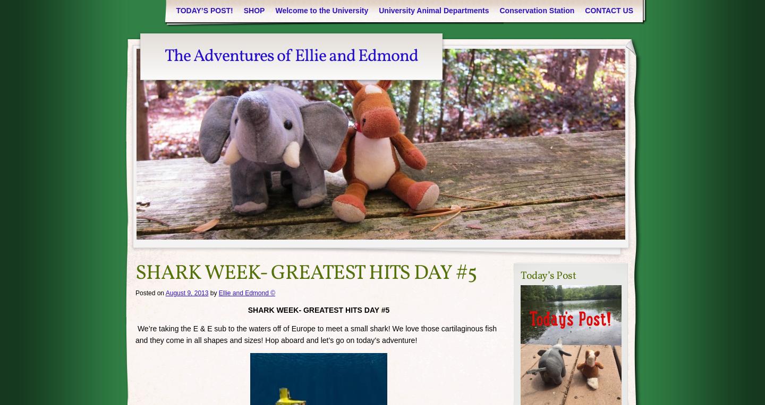 The height and width of the screenshot is (405, 765). I want to click on 'Ellie and Edmond ©', so click(246, 293).